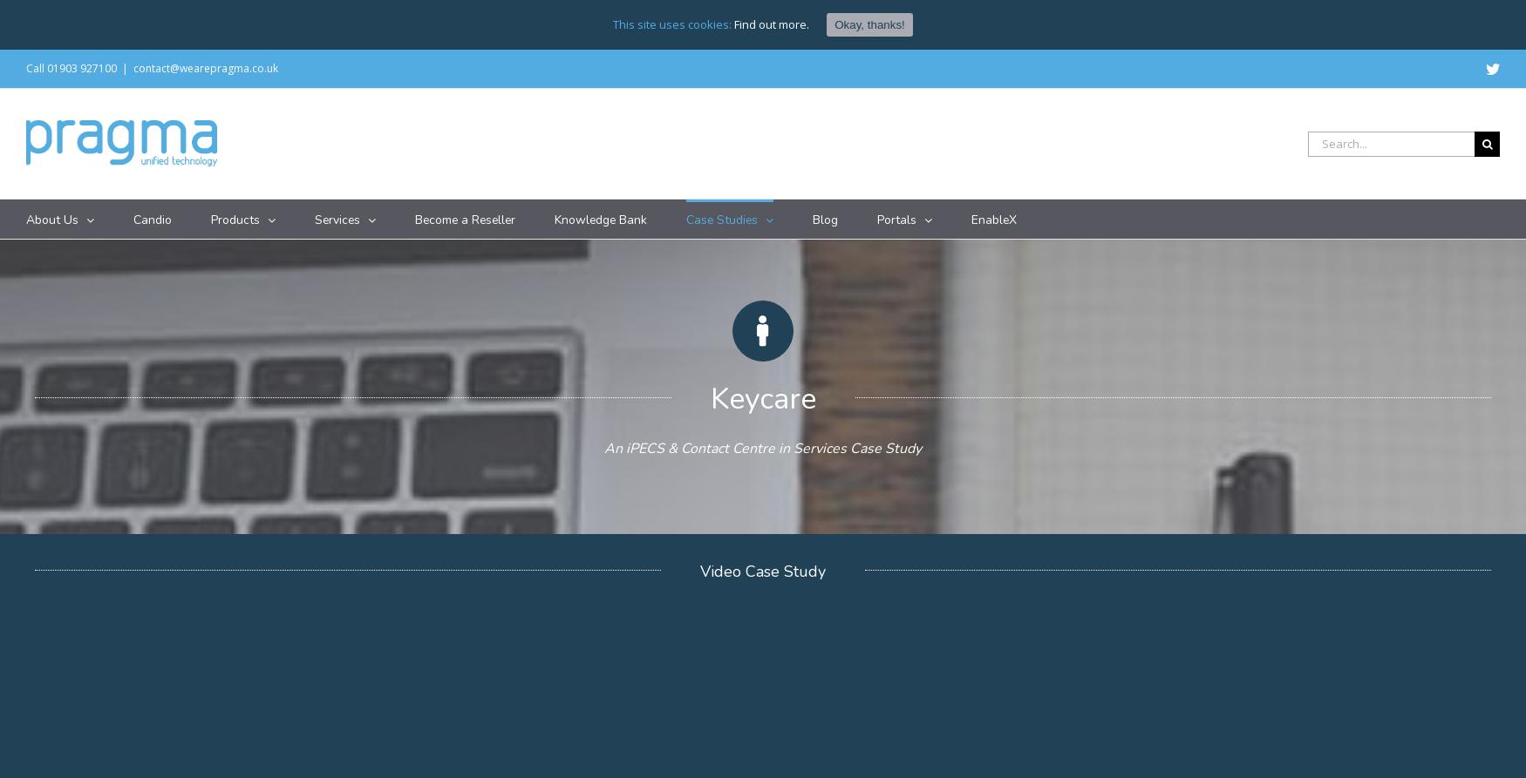 This screenshot has width=1526, height=778. I want to click on 'iPECS Cloud', so click(227, 254).